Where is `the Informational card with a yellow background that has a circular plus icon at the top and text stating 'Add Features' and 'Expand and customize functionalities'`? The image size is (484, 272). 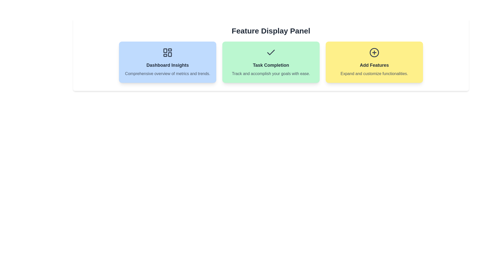 the Informational card with a yellow background that has a circular plus icon at the top and text stating 'Add Features' and 'Expand and customize functionalities' is located at coordinates (374, 62).